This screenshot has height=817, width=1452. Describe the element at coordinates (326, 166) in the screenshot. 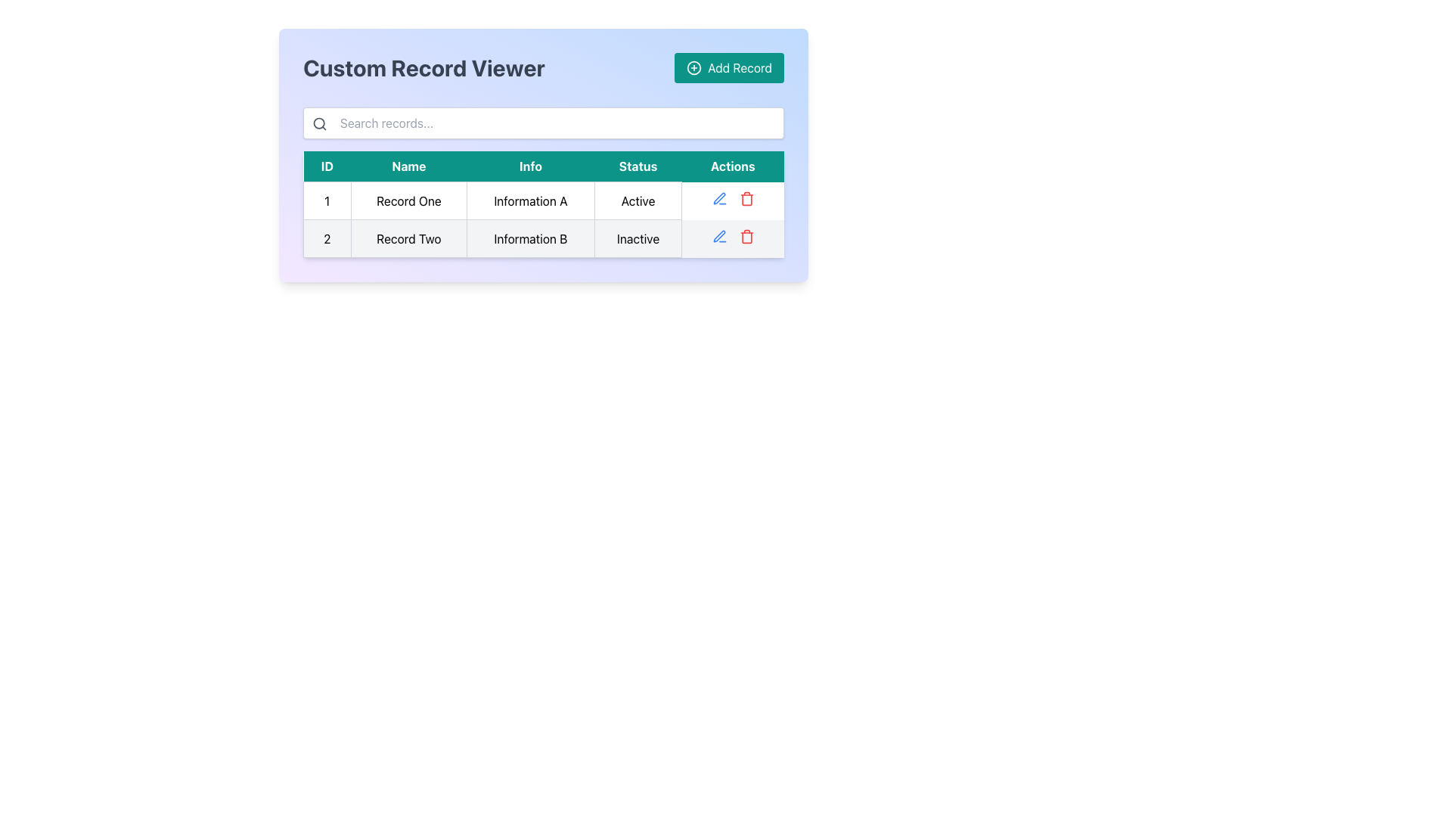

I see `the 'ID' column header cell in the table, which is the first header and positioned at the top-left among its siblings labeled 'Name', 'Info', 'Status', and 'Actions'` at that location.